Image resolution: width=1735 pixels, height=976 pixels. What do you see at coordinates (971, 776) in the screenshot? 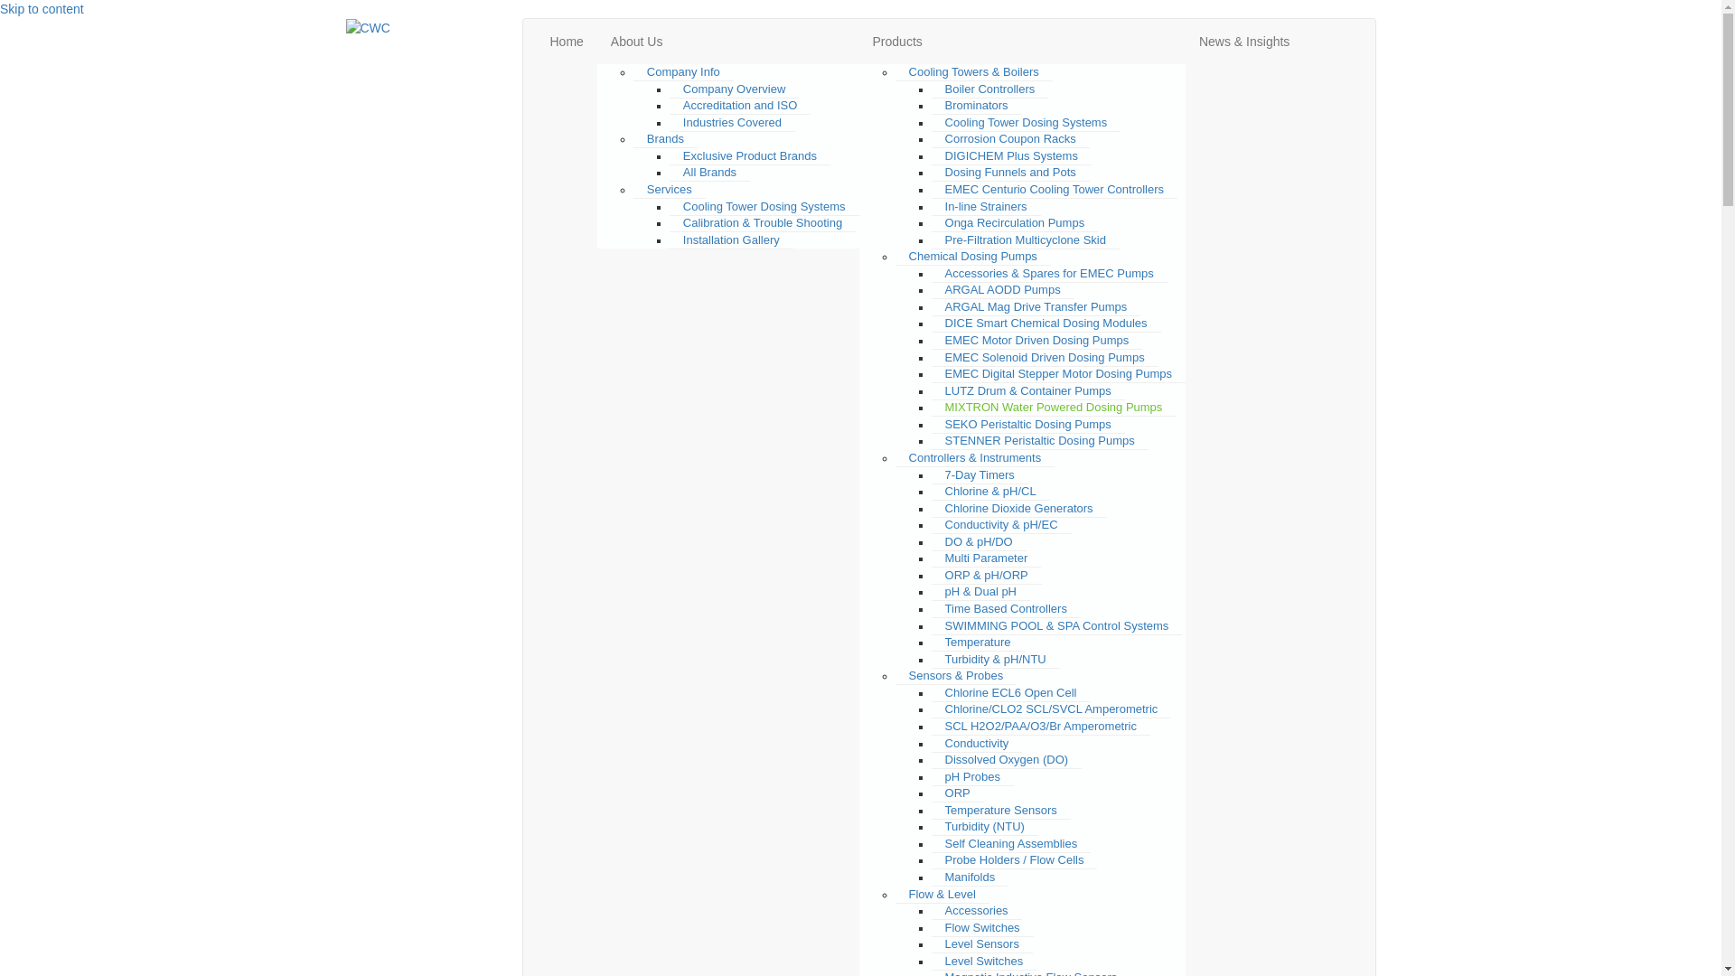
I see `'pH Probes'` at bounding box center [971, 776].